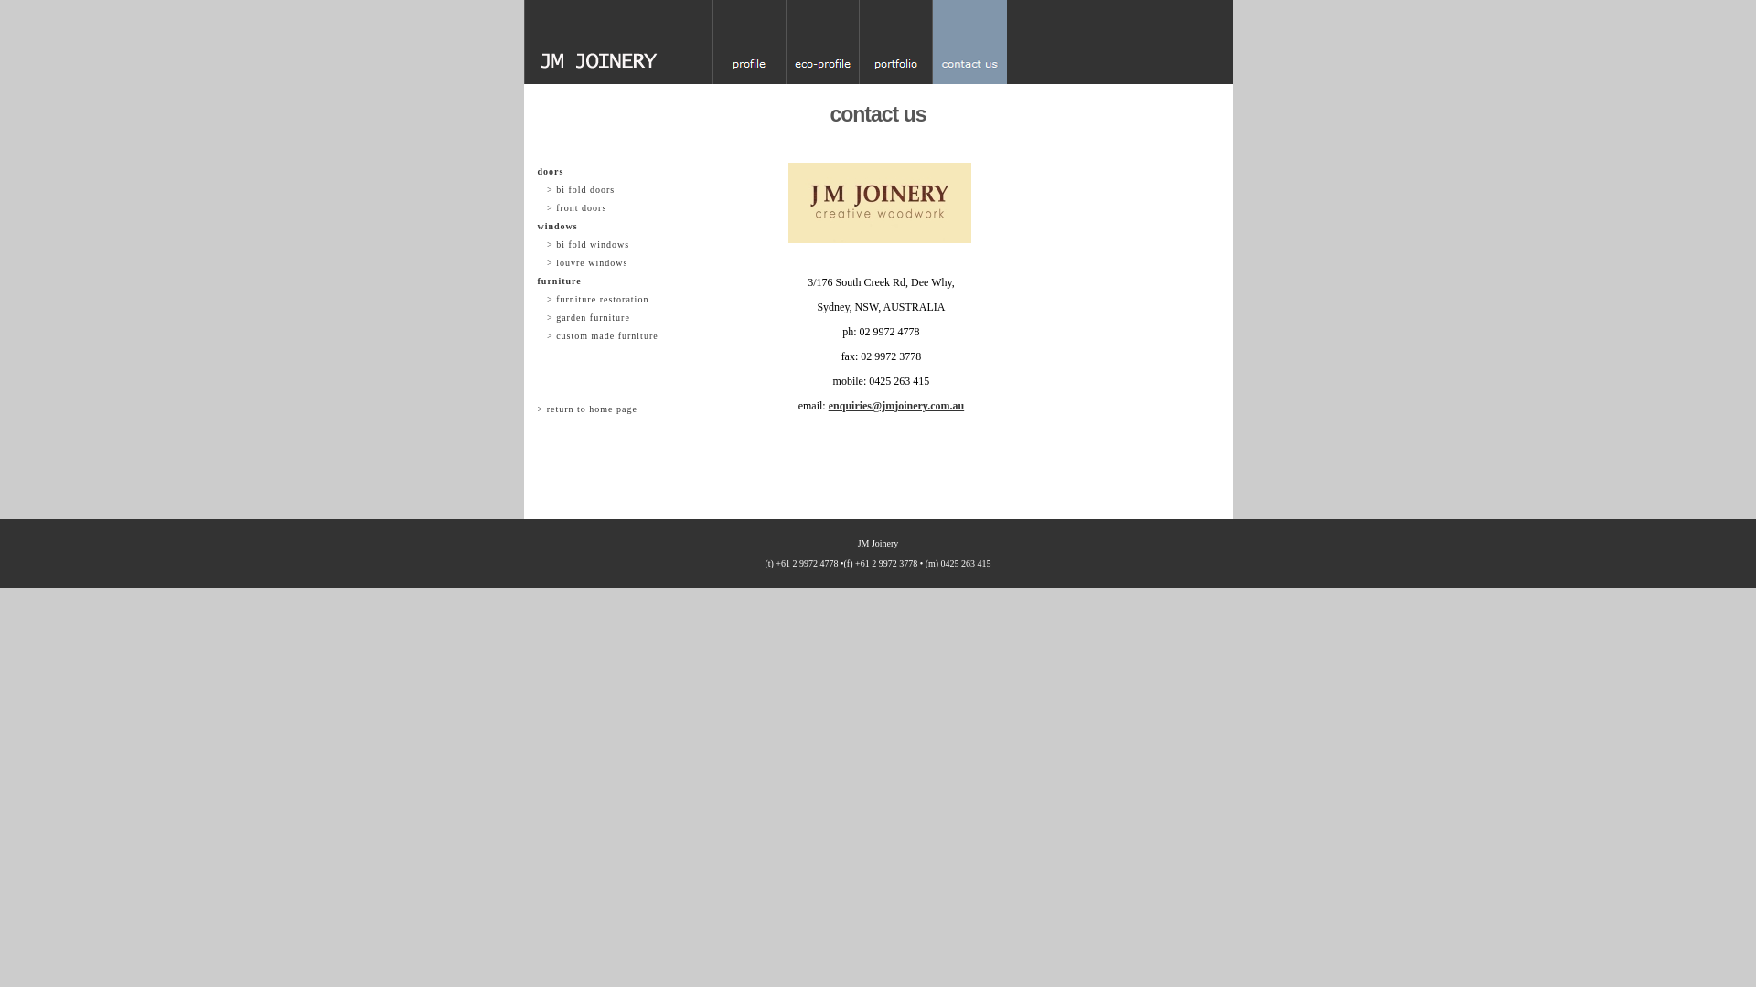  What do you see at coordinates (610, 263) in the screenshot?
I see `'   > louvre windows'` at bounding box center [610, 263].